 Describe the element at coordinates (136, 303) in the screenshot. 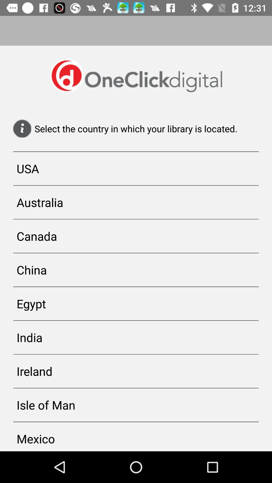

I see `egypt icon` at that location.